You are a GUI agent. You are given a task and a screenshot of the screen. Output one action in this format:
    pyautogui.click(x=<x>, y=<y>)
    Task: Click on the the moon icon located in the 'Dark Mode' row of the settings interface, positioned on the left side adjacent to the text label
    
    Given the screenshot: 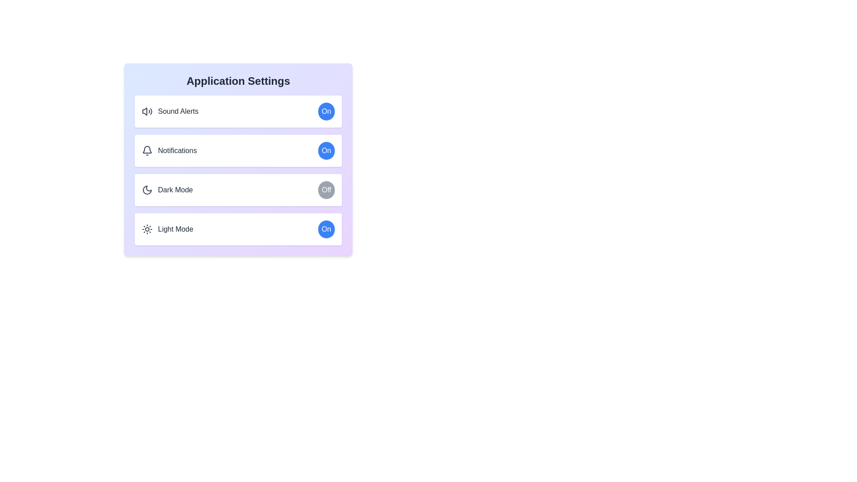 What is the action you would take?
    pyautogui.click(x=147, y=189)
    